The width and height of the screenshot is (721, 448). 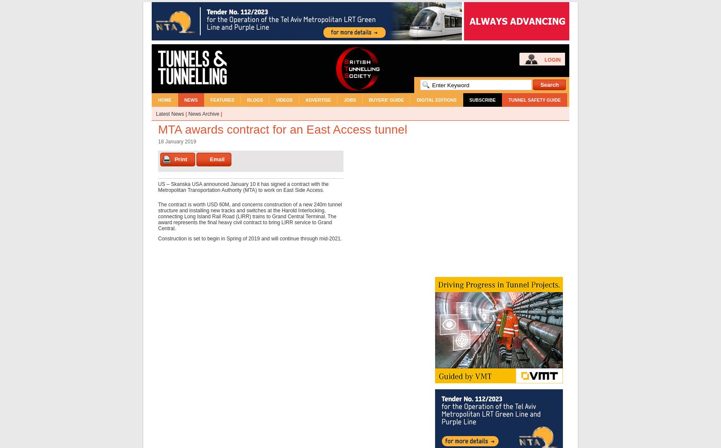 What do you see at coordinates (158, 187) in the screenshot?
I see `'US – Skanska USA announced January 10 it has signed a contract with the Metropolitan Transportation Authority (MTA) to work on East Side Access.'` at bounding box center [158, 187].